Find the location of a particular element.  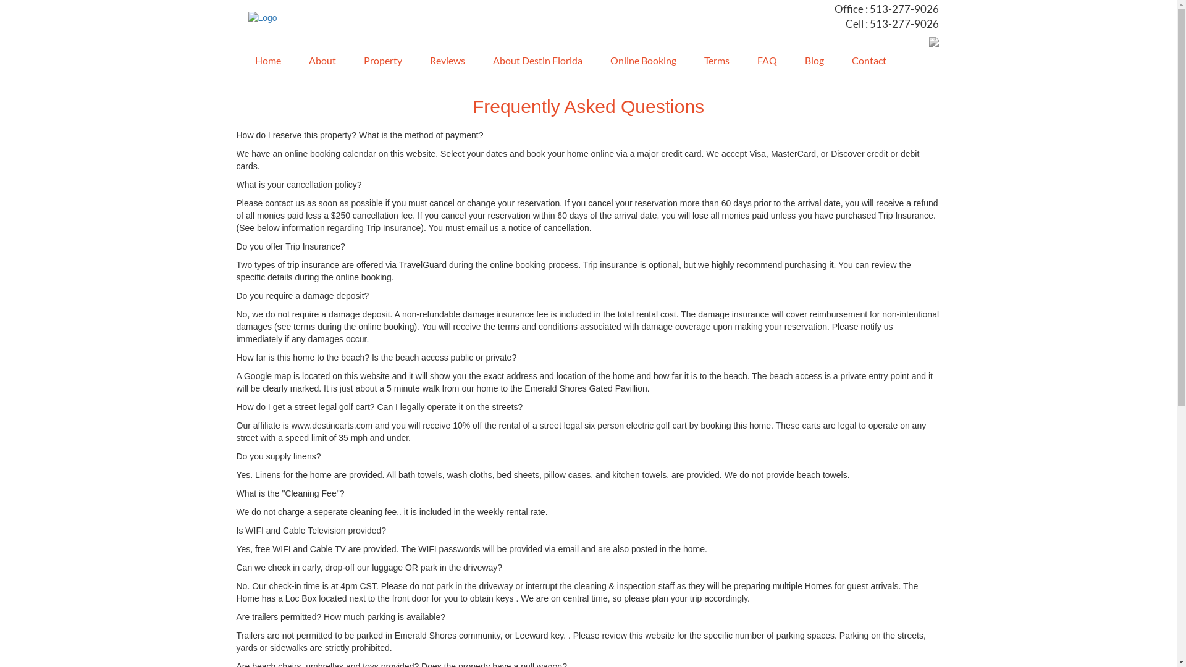

'Terms' is located at coordinates (712, 62).